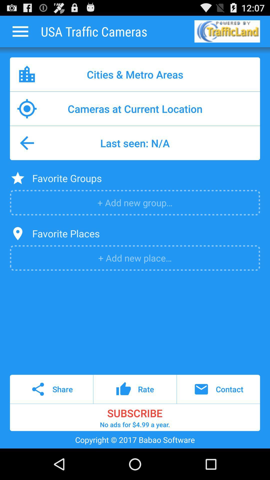  What do you see at coordinates (20, 31) in the screenshot?
I see `more options` at bounding box center [20, 31].